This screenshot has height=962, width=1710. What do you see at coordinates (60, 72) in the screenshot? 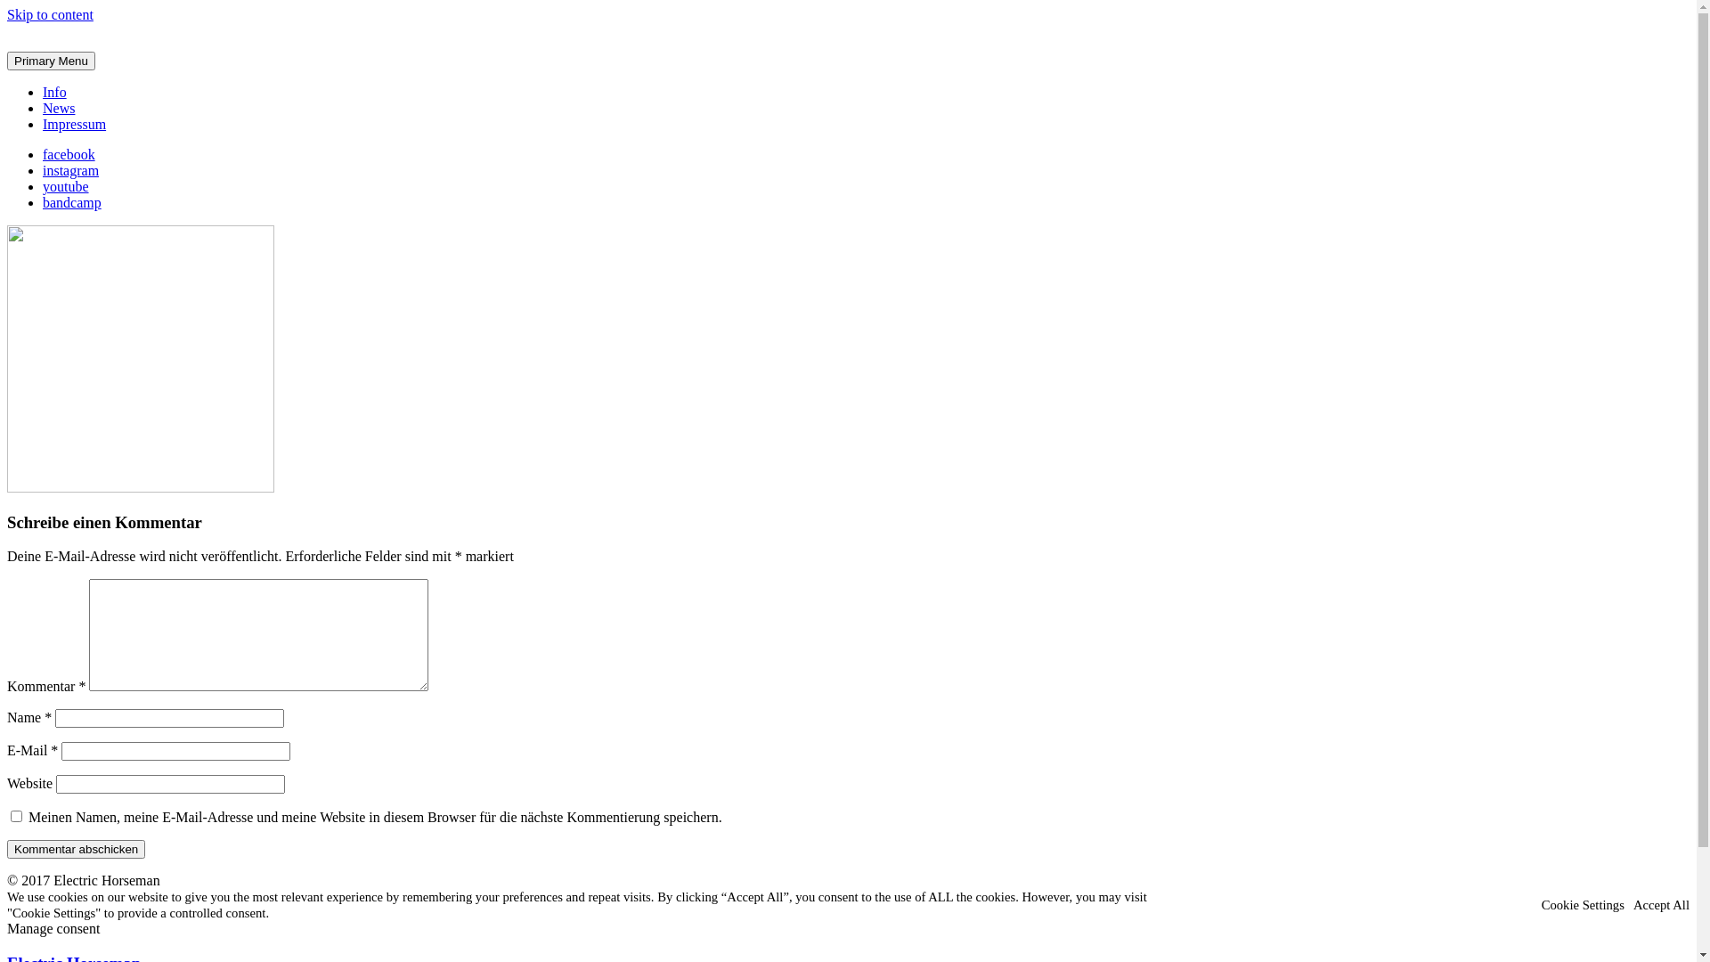
I see `'Electric Horseman'` at bounding box center [60, 72].